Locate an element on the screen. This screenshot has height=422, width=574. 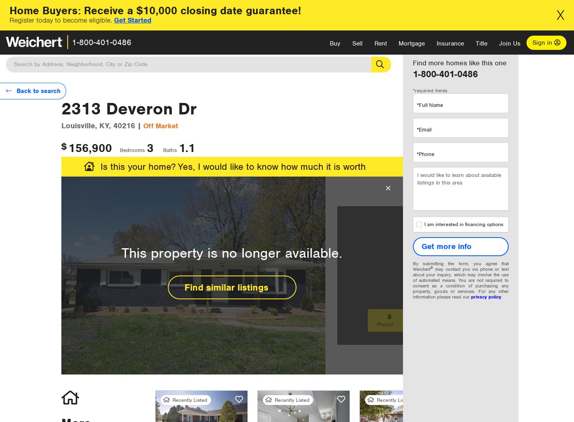
'This property is no longer available.' is located at coordinates (232, 252).